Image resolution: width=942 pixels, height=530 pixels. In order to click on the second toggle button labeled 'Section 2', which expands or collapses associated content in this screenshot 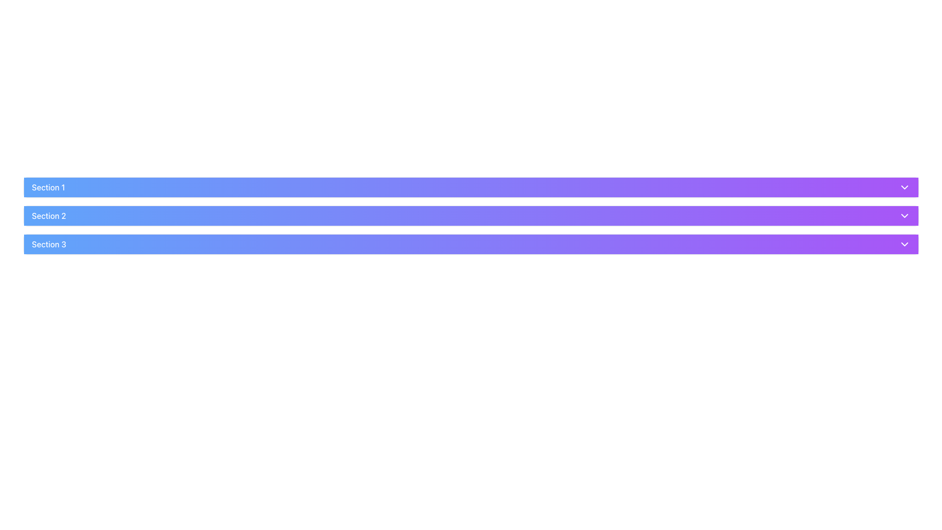, I will do `click(471, 215)`.